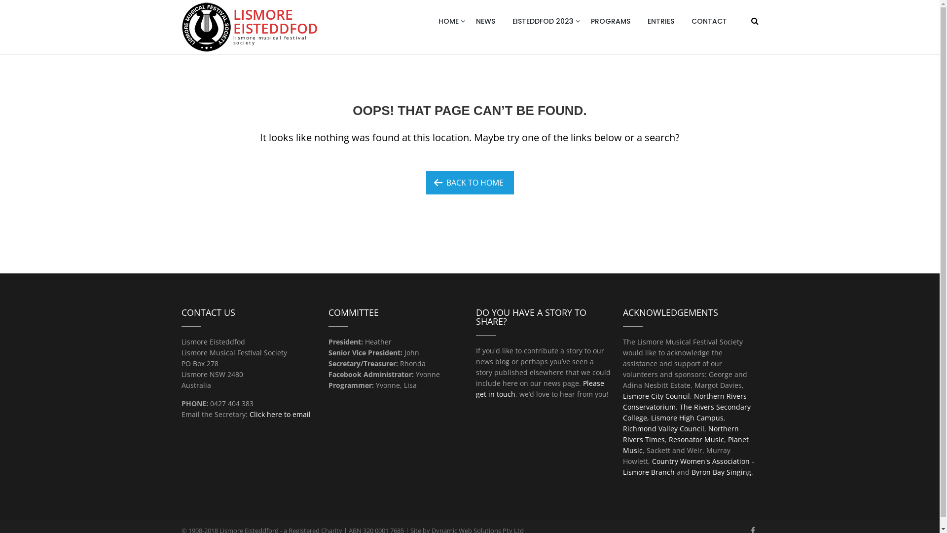 This screenshot has width=947, height=533. Describe the element at coordinates (539, 388) in the screenshot. I see `'Please get in touch'` at that location.